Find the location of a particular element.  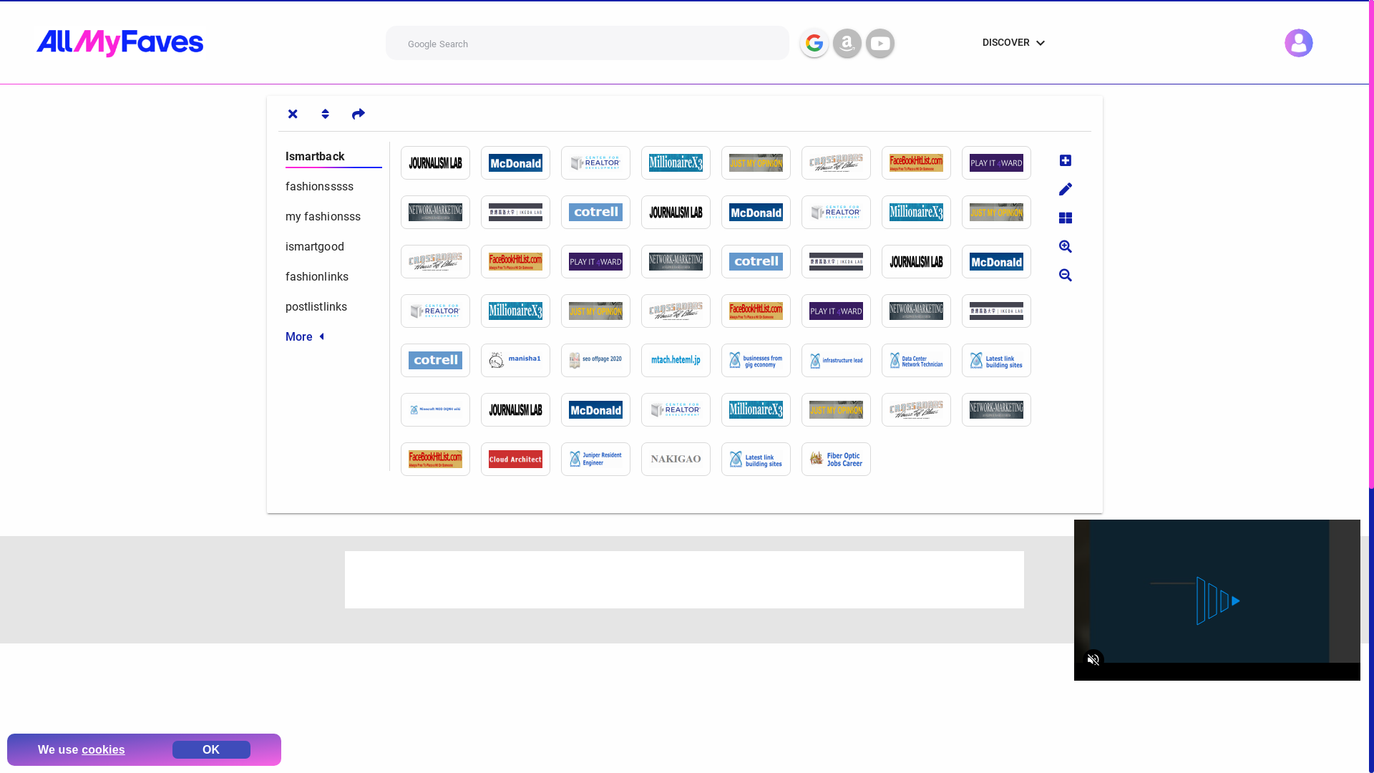

'Amazon Search' is located at coordinates (847, 42).